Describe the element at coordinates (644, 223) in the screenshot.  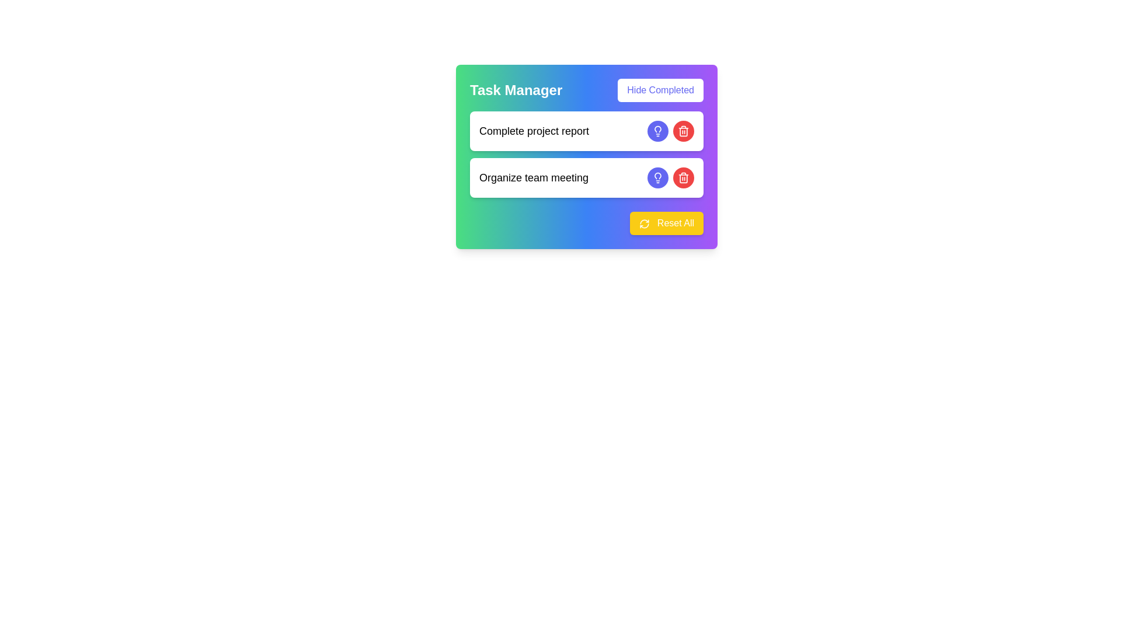
I see `the 'Reset All' button located at the bottom right of the task management panel, which contains a circular refresh icon with two curved arrows` at that location.